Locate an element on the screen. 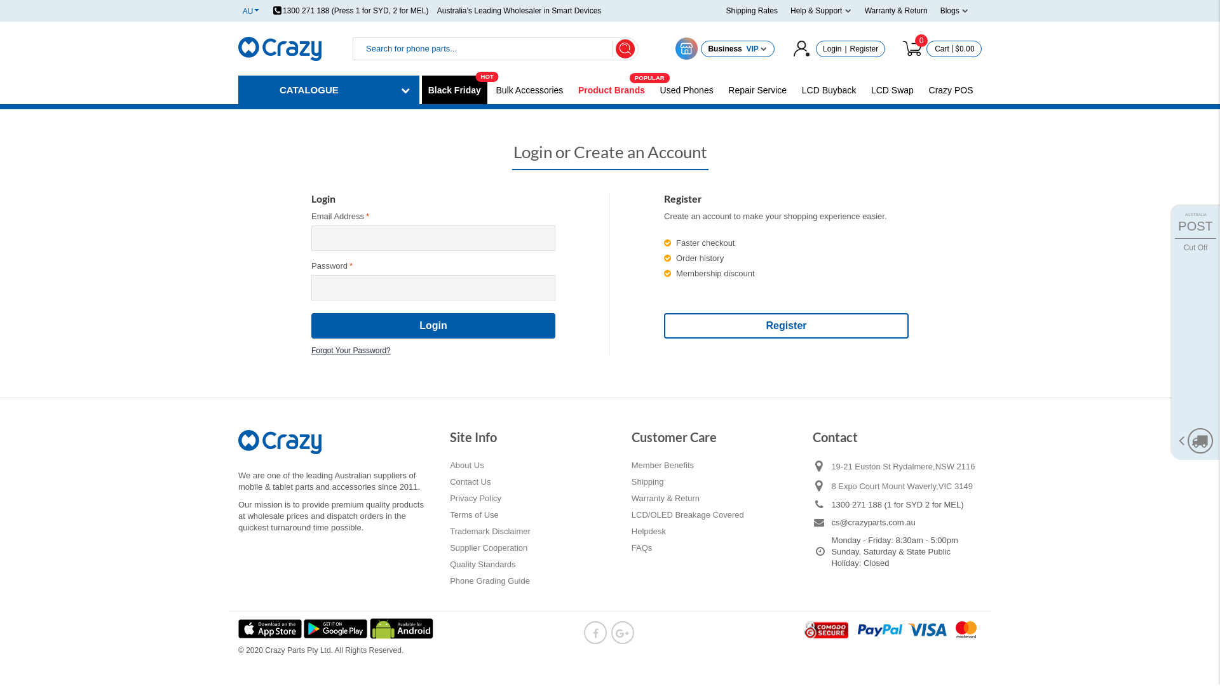 The height and width of the screenshot is (686, 1220). '19-21 Euston St Rydalmere,NSW 2116' is located at coordinates (831, 467).